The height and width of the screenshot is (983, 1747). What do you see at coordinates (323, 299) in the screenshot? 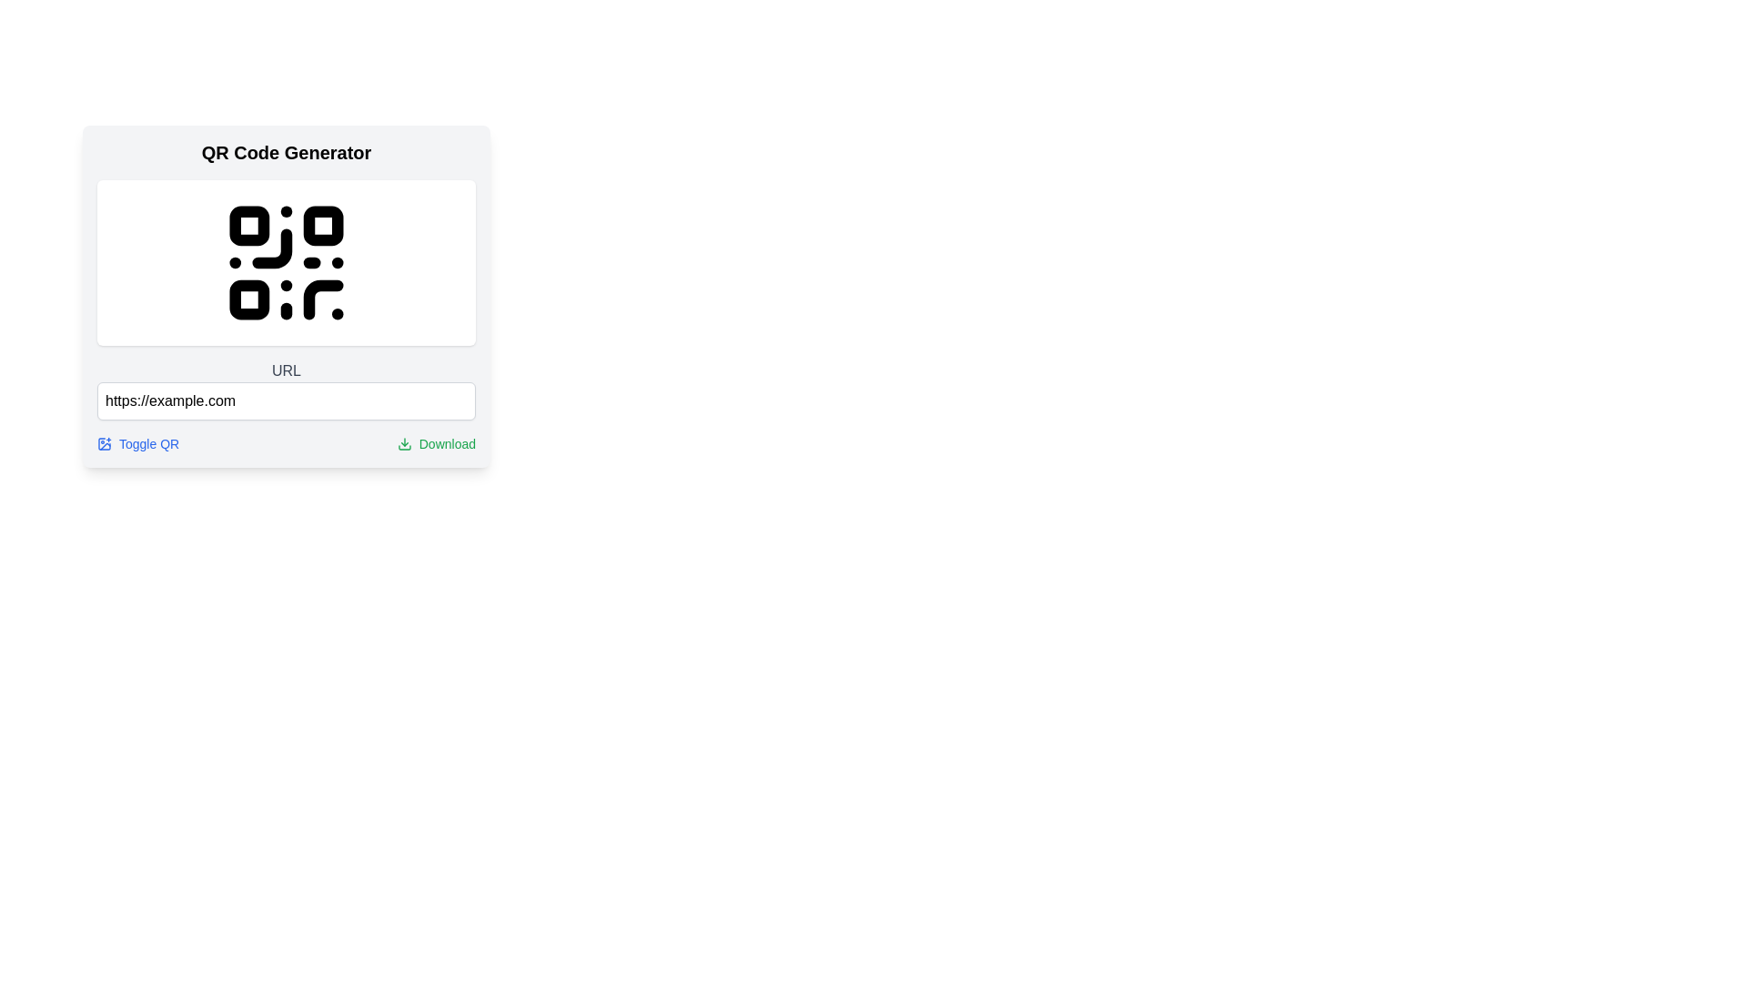
I see `the Curve element, which is centrally positioned within the bottom-right square of the QR code` at bounding box center [323, 299].